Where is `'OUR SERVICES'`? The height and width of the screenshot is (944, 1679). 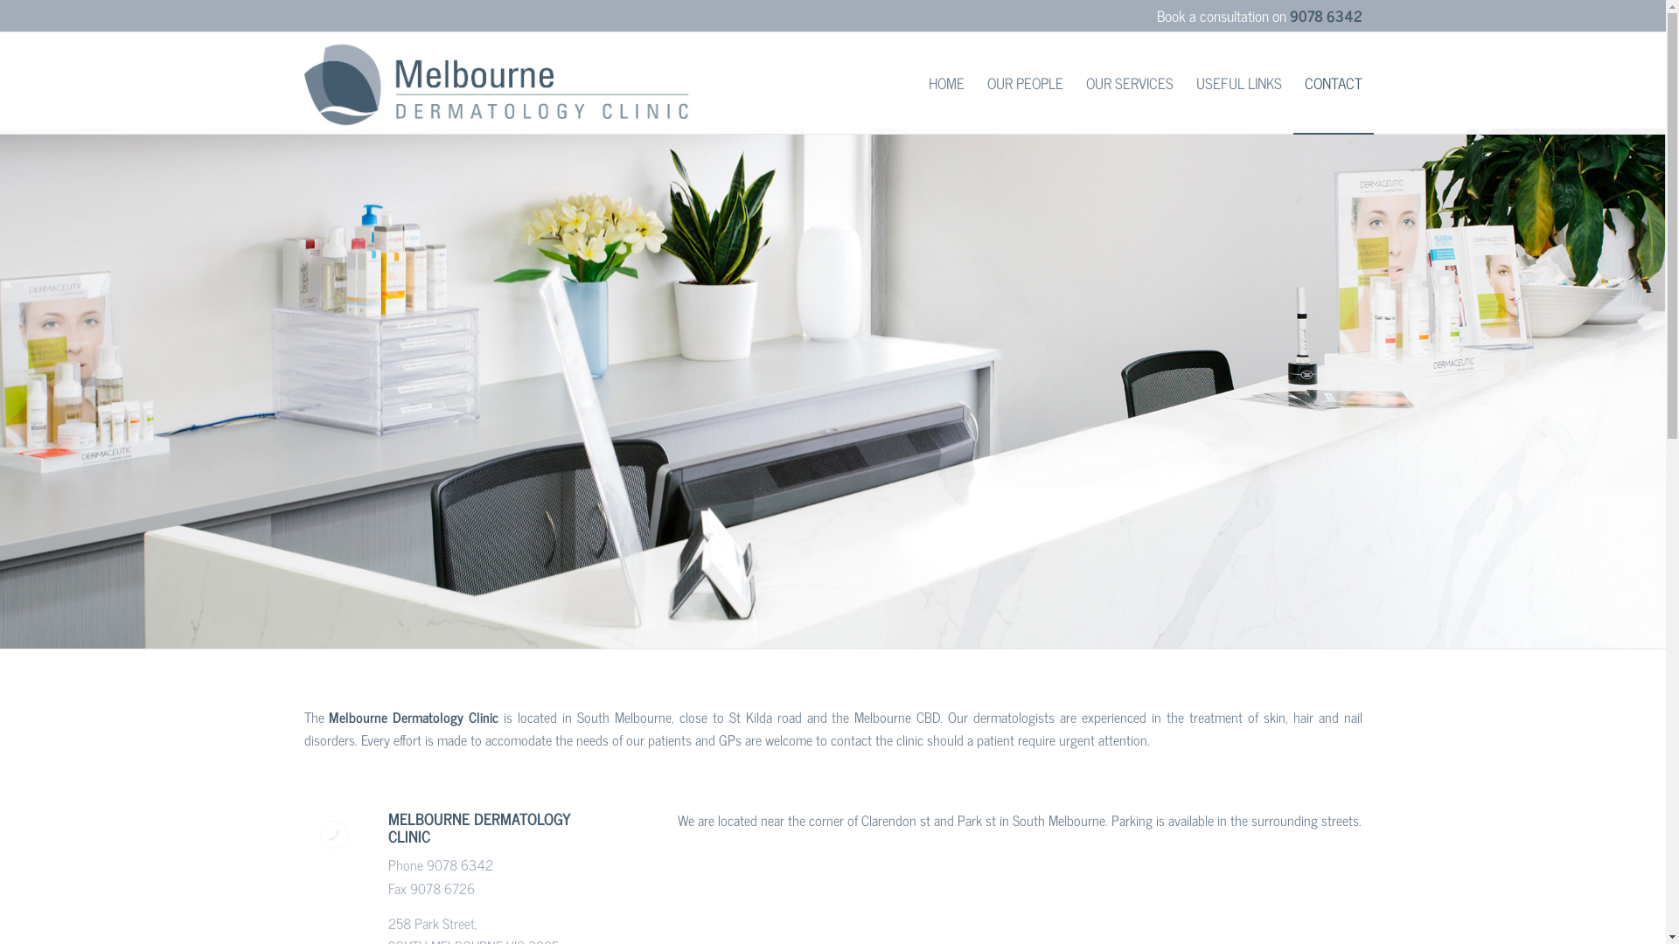 'OUR SERVICES' is located at coordinates (1073, 83).